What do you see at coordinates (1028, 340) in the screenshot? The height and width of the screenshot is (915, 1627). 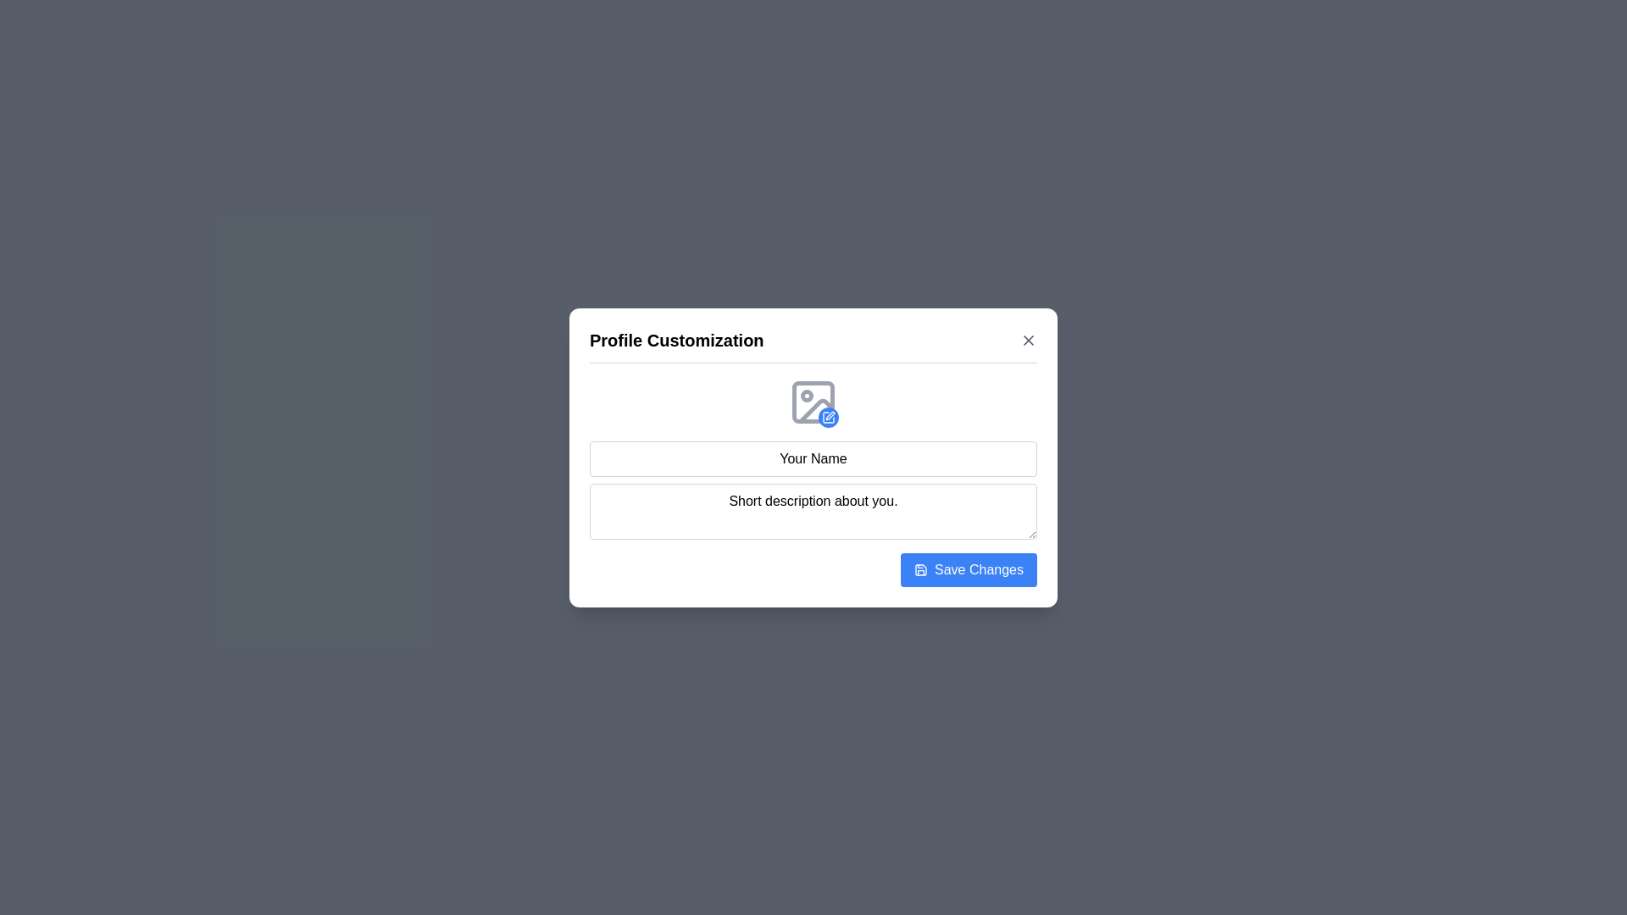 I see `close button to dismiss the dialog` at bounding box center [1028, 340].